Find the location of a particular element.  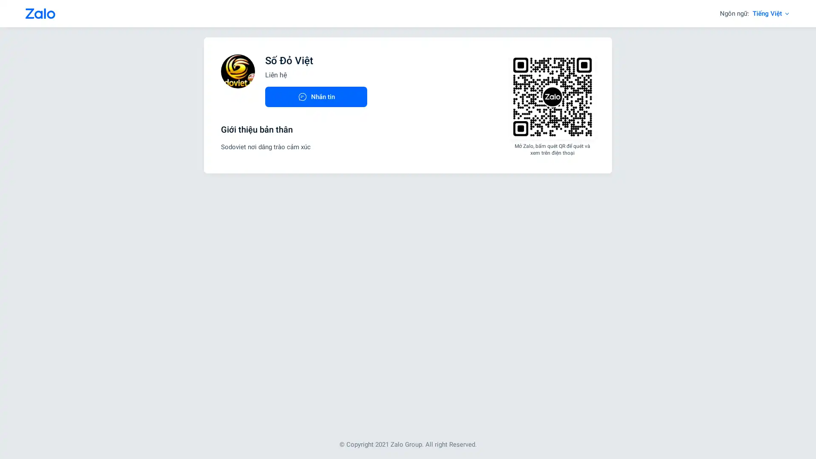

Nhan tin is located at coordinates (316, 96).